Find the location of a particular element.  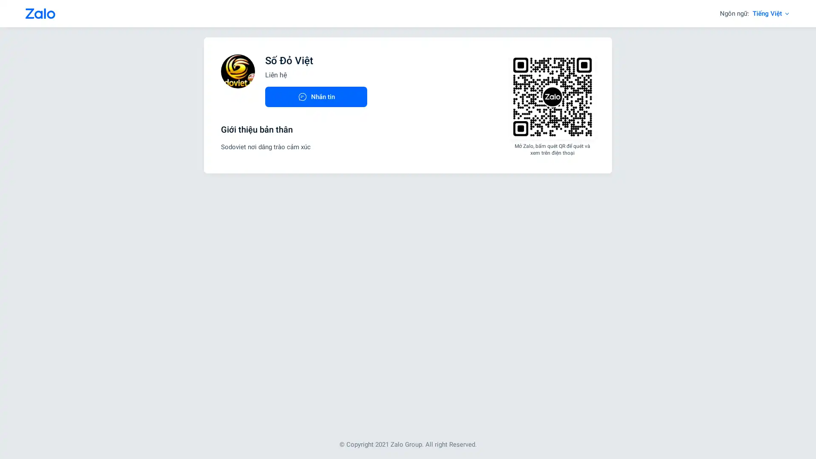

Nhan tin is located at coordinates (316, 96).